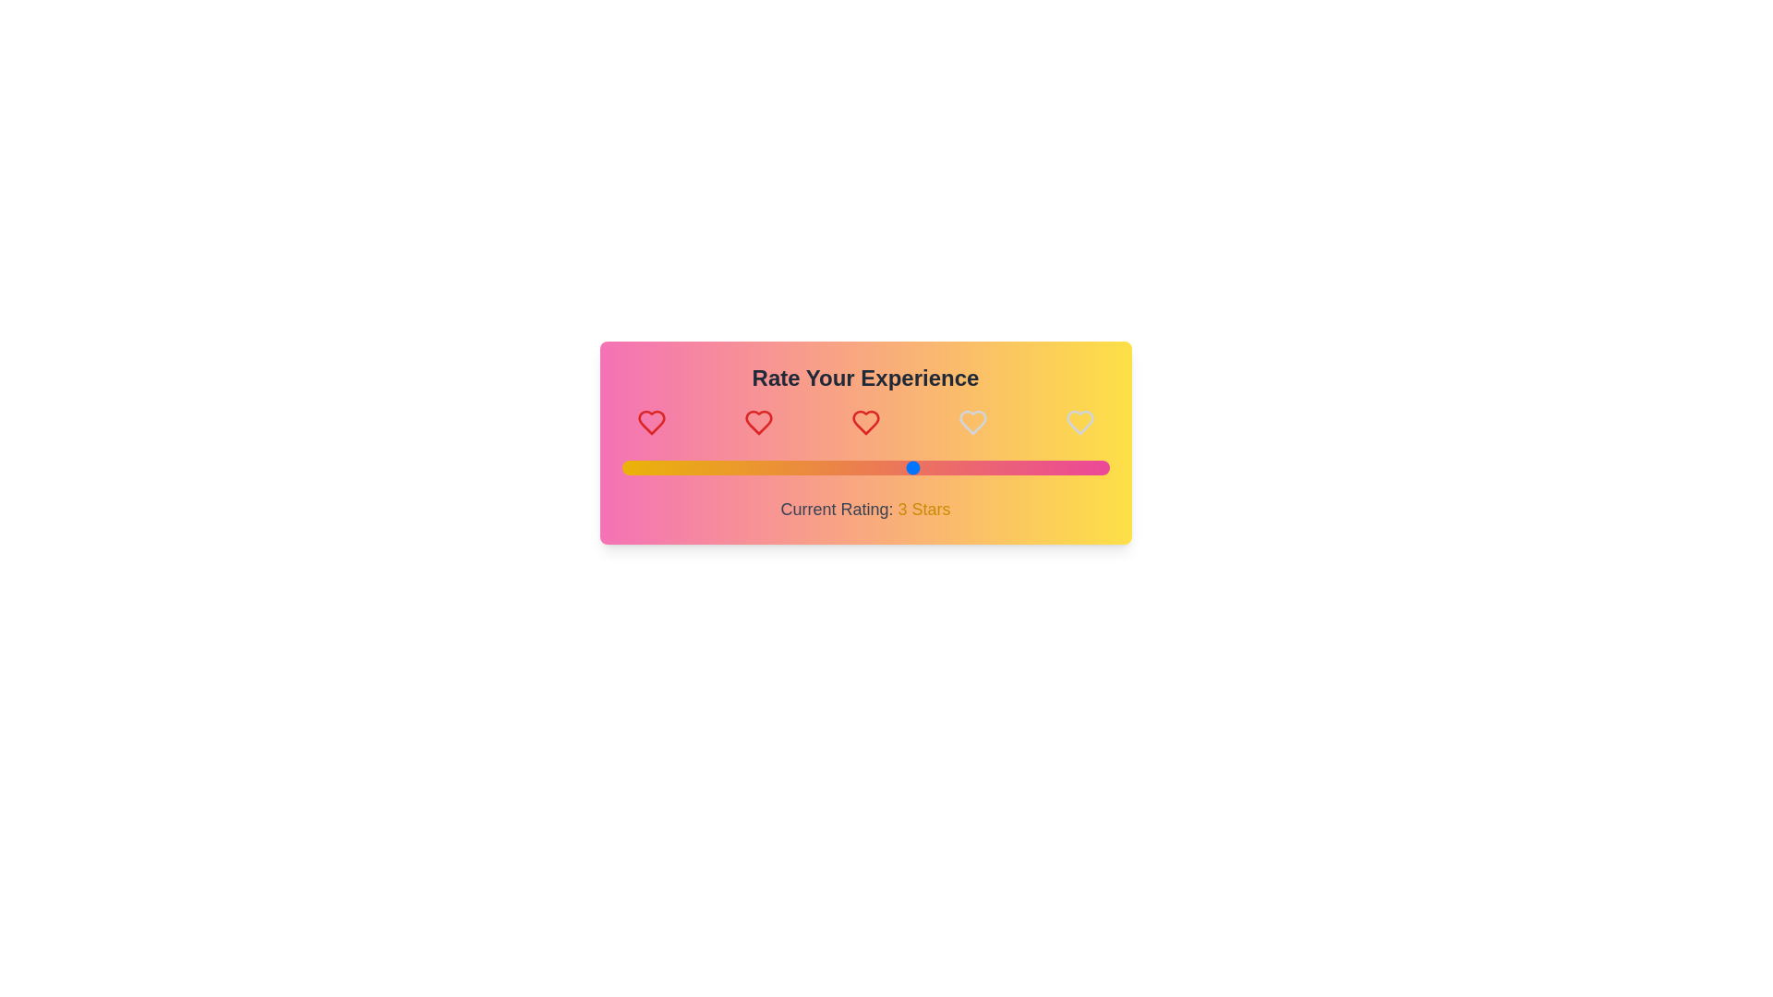 Image resolution: width=1773 pixels, height=997 pixels. I want to click on the heart icon corresponding to the desired rating 5, so click(1079, 423).